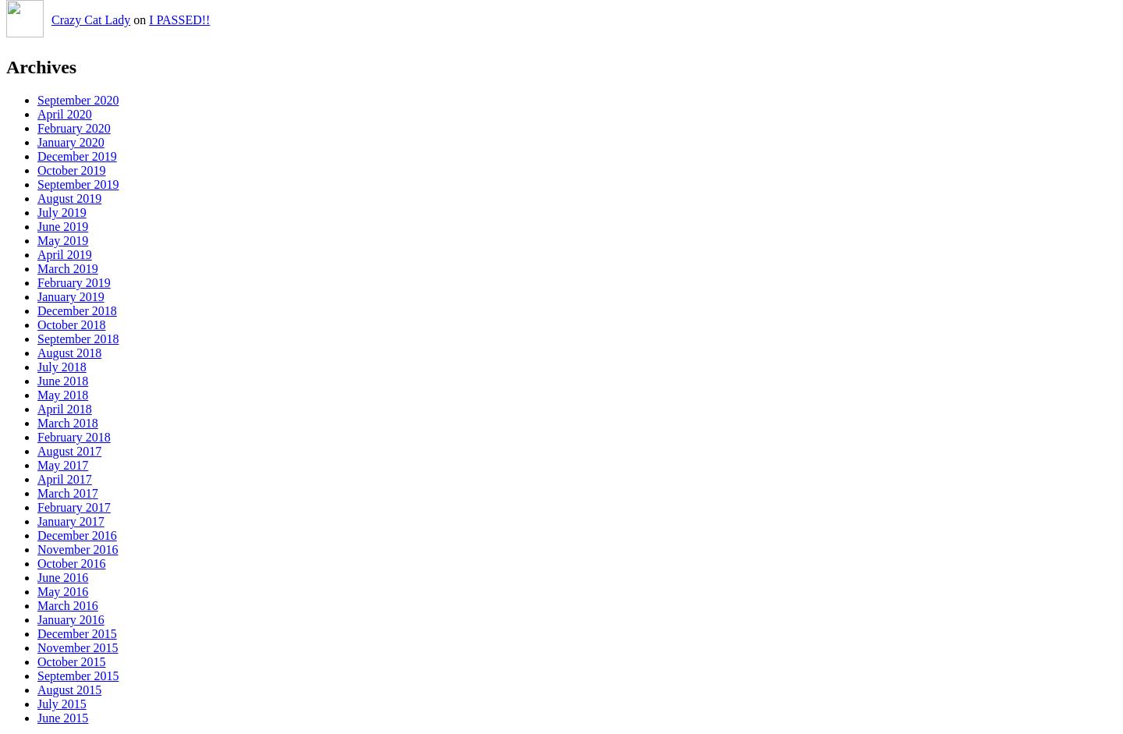  What do you see at coordinates (70, 619) in the screenshot?
I see `'January 2016'` at bounding box center [70, 619].